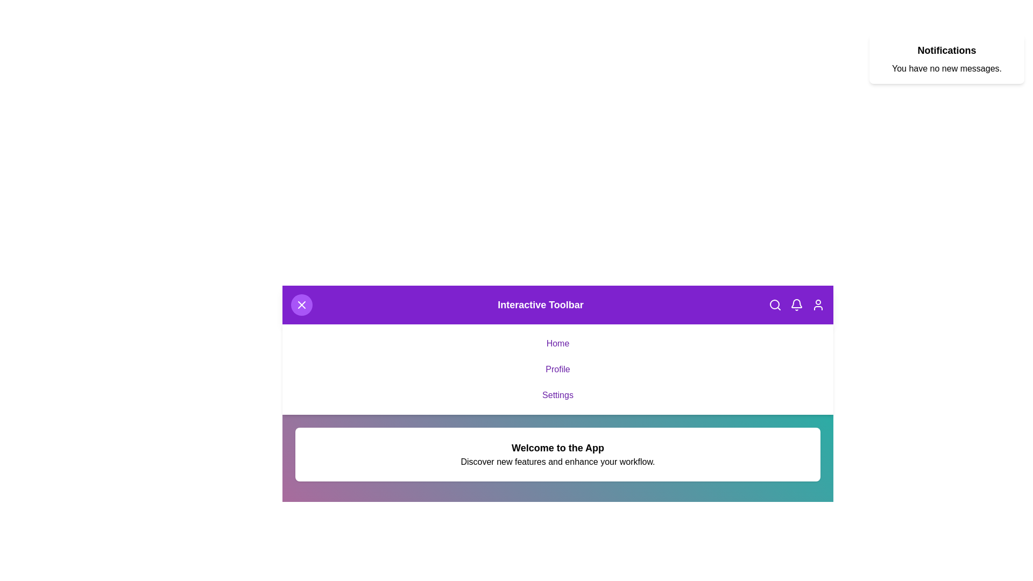  I want to click on the 'Home' link to navigate to the 'Home' section, so click(557, 344).